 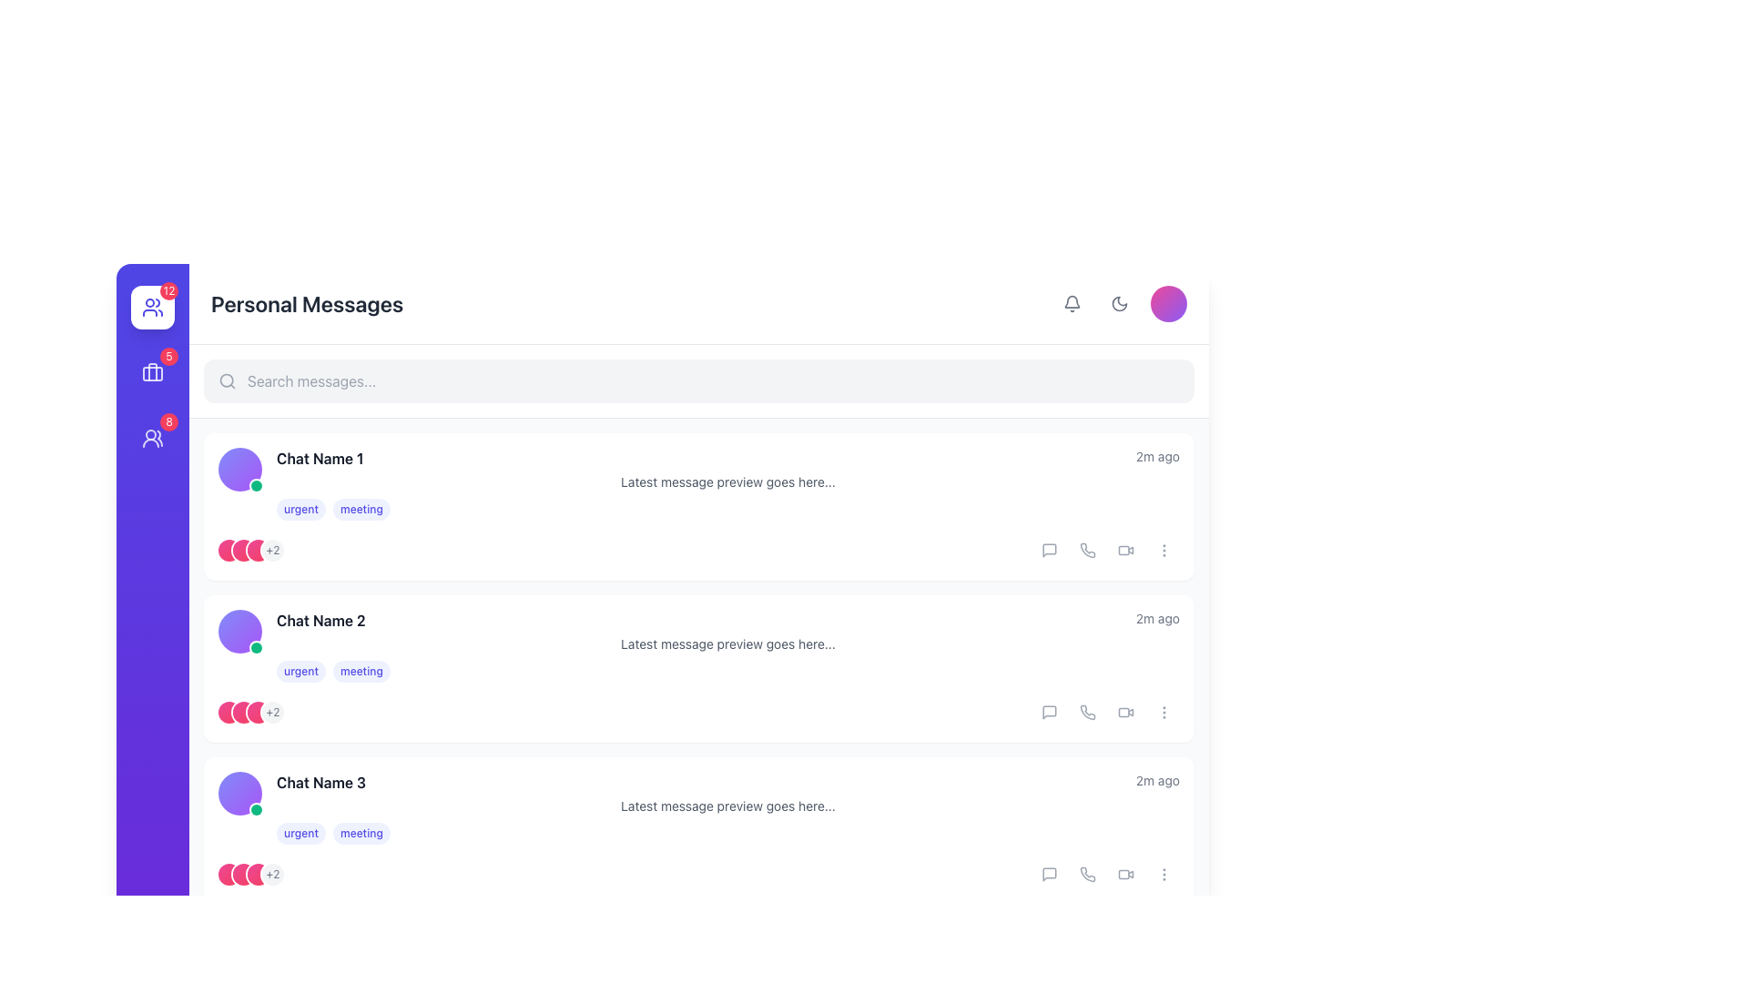 What do you see at coordinates (229, 873) in the screenshot?
I see `the small circular icon with a gradient color transitioning from pink to rose and a white ring around it, which is the leftmost element in a group of four similar icons` at bounding box center [229, 873].